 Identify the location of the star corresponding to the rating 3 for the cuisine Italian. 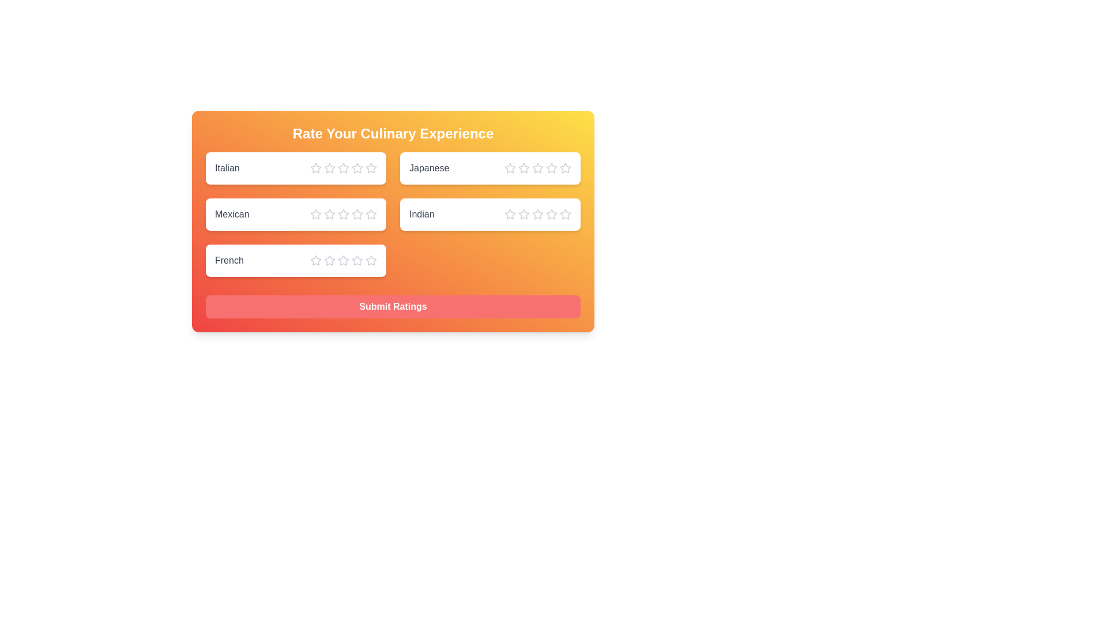
(342, 168).